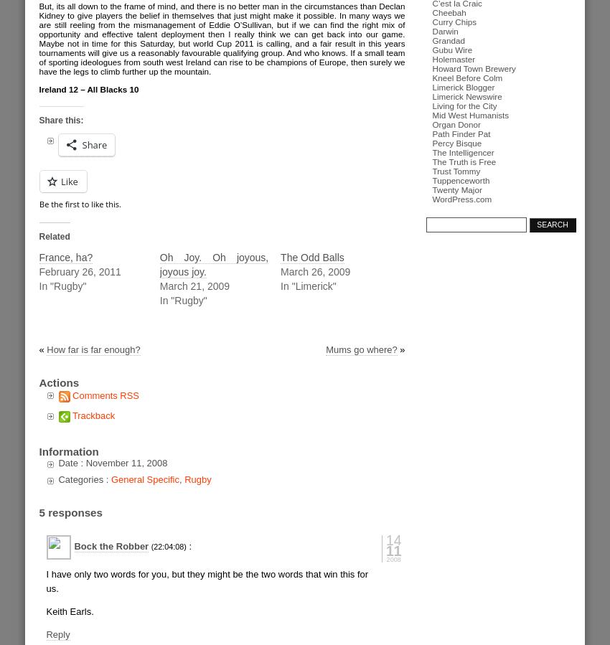  What do you see at coordinates (67, 451) in the screenshot?
I see `'Information'` at bounding box center [67, 451].